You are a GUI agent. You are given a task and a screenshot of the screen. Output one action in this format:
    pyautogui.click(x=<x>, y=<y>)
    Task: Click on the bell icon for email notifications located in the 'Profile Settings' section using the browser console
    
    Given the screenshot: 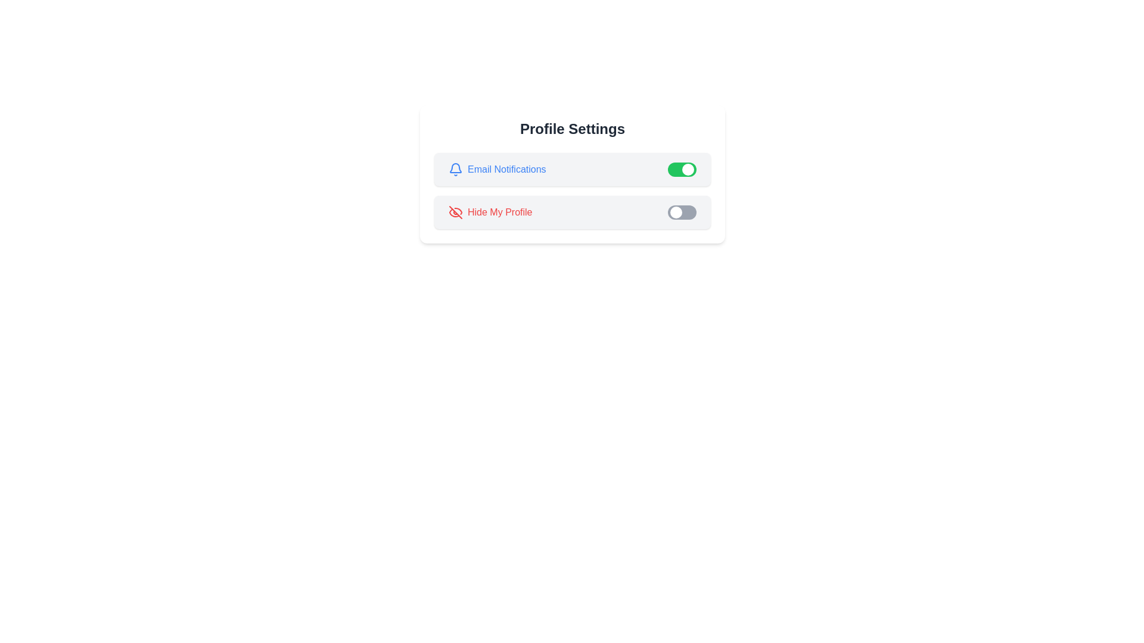 What is the action you would take?
    pyautogui.click(x=455, y=168)
    